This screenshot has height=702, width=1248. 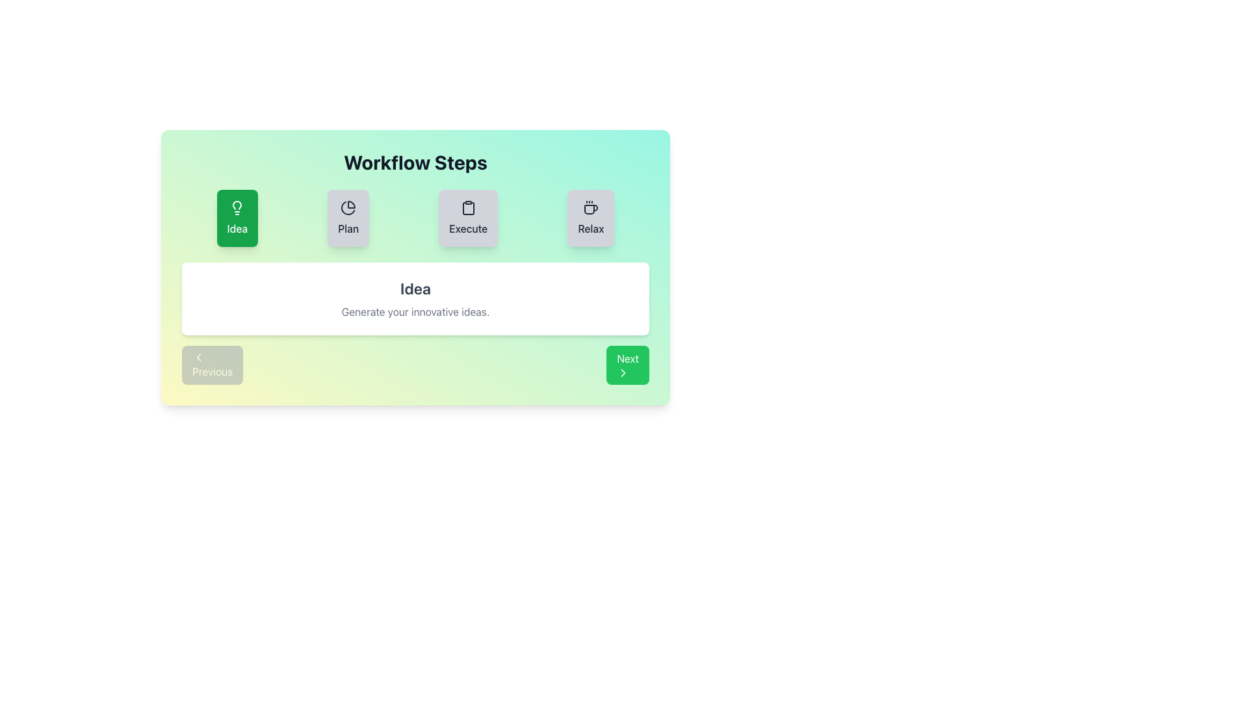 What do you see at coordinates (415, 287) in the screenshot?
I see `the heading text element that indicates the current step within the section, located centrally in the white rectangular step detail box above the text 'Generate your innovative ideas.'` at bounding box center [415, 287].